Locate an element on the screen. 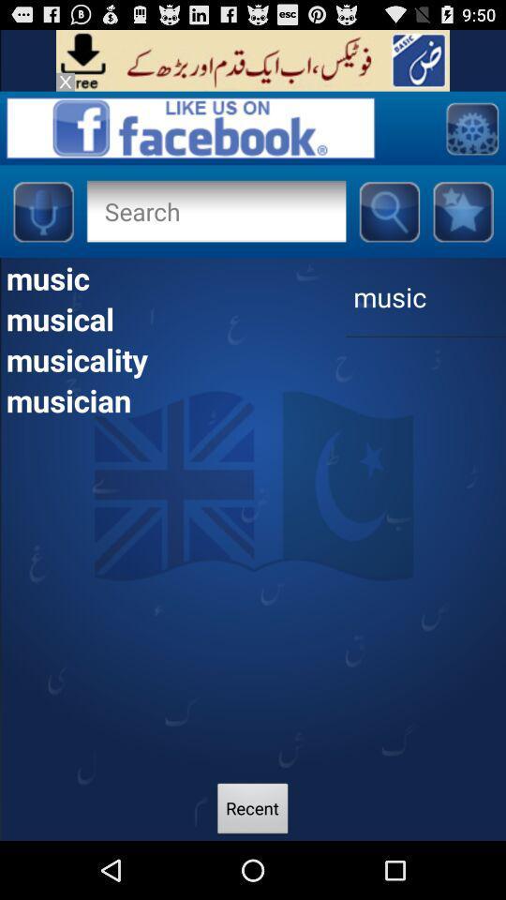 This screenshot has height=900, width=506. site is located at coordinates (253, 60).